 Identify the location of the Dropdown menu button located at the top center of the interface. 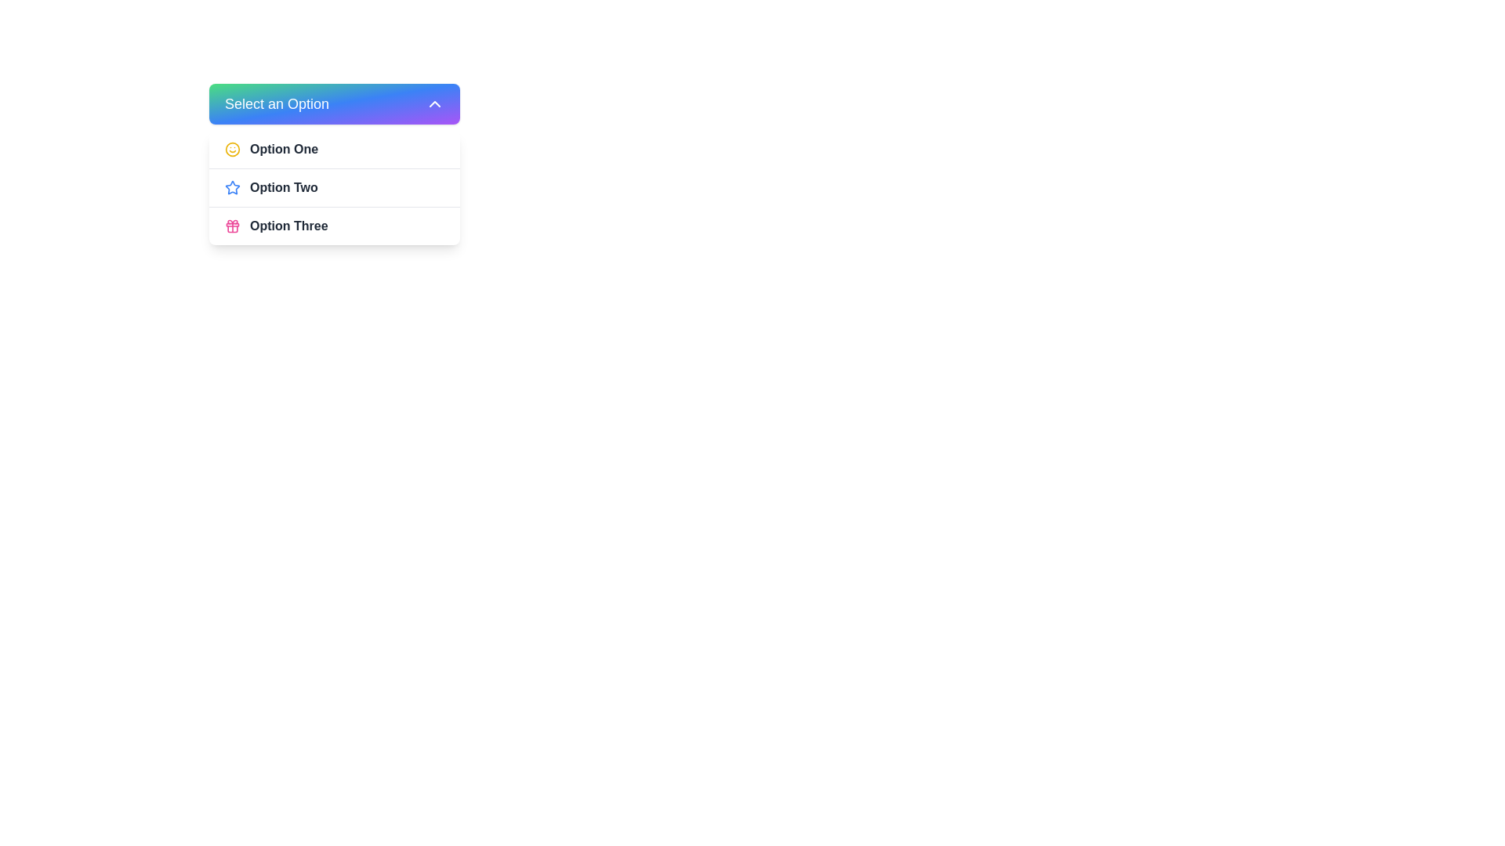
(334, 103).